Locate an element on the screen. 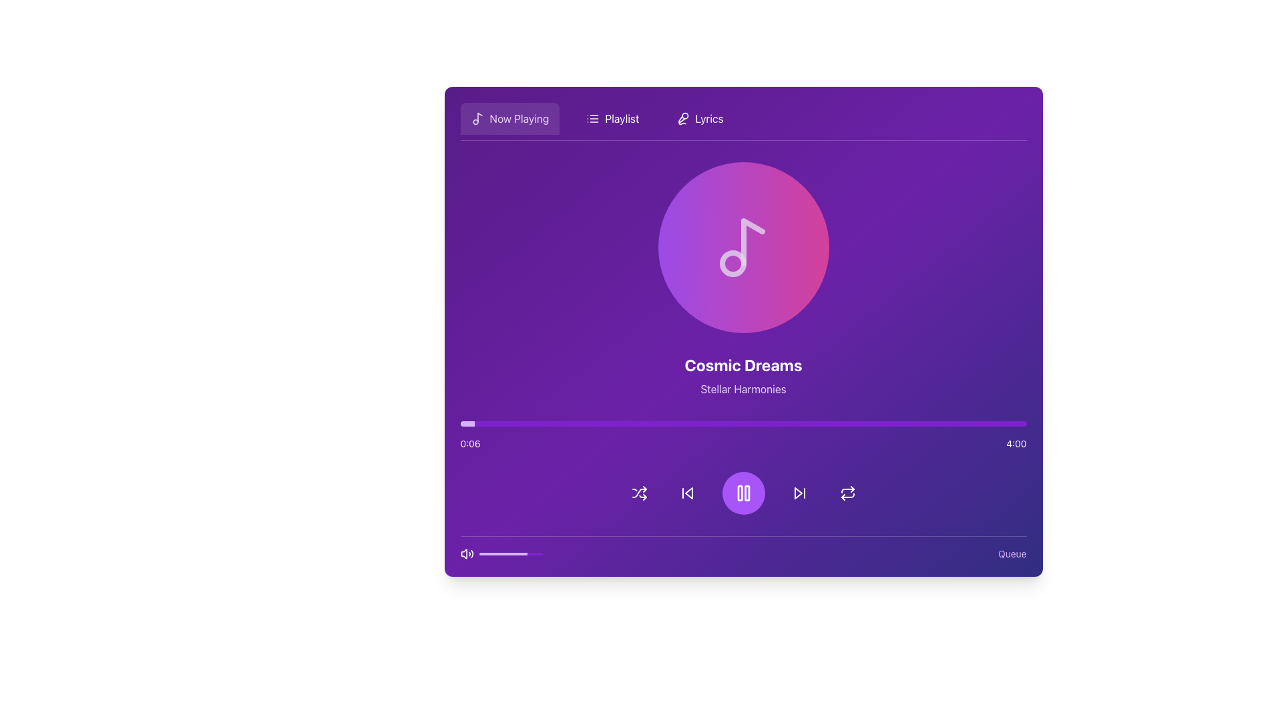 Image resolution: width=1282 pixels, height=721 pixels. the tab selection button for 'Now Playing' located at the top-left corner of the interface is located at coordinates (509, 117).